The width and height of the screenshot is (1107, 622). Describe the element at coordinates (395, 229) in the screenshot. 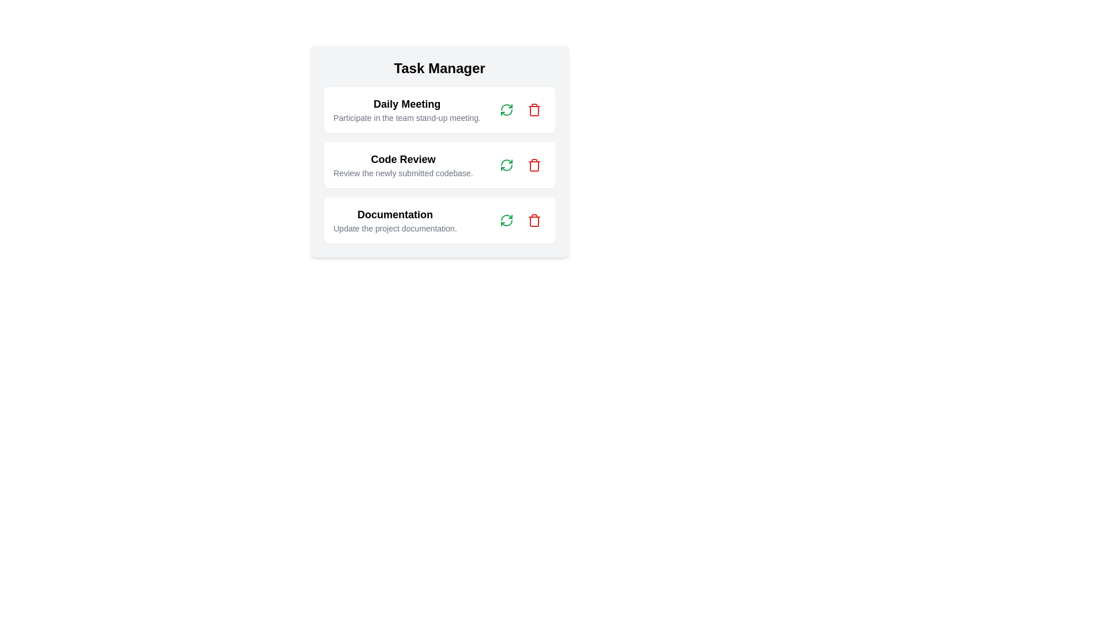

I see `text snippet displaying 'Update the project documentation.' which is styled in gray and located below the 'Documentation' heading in the last task card` at that location.